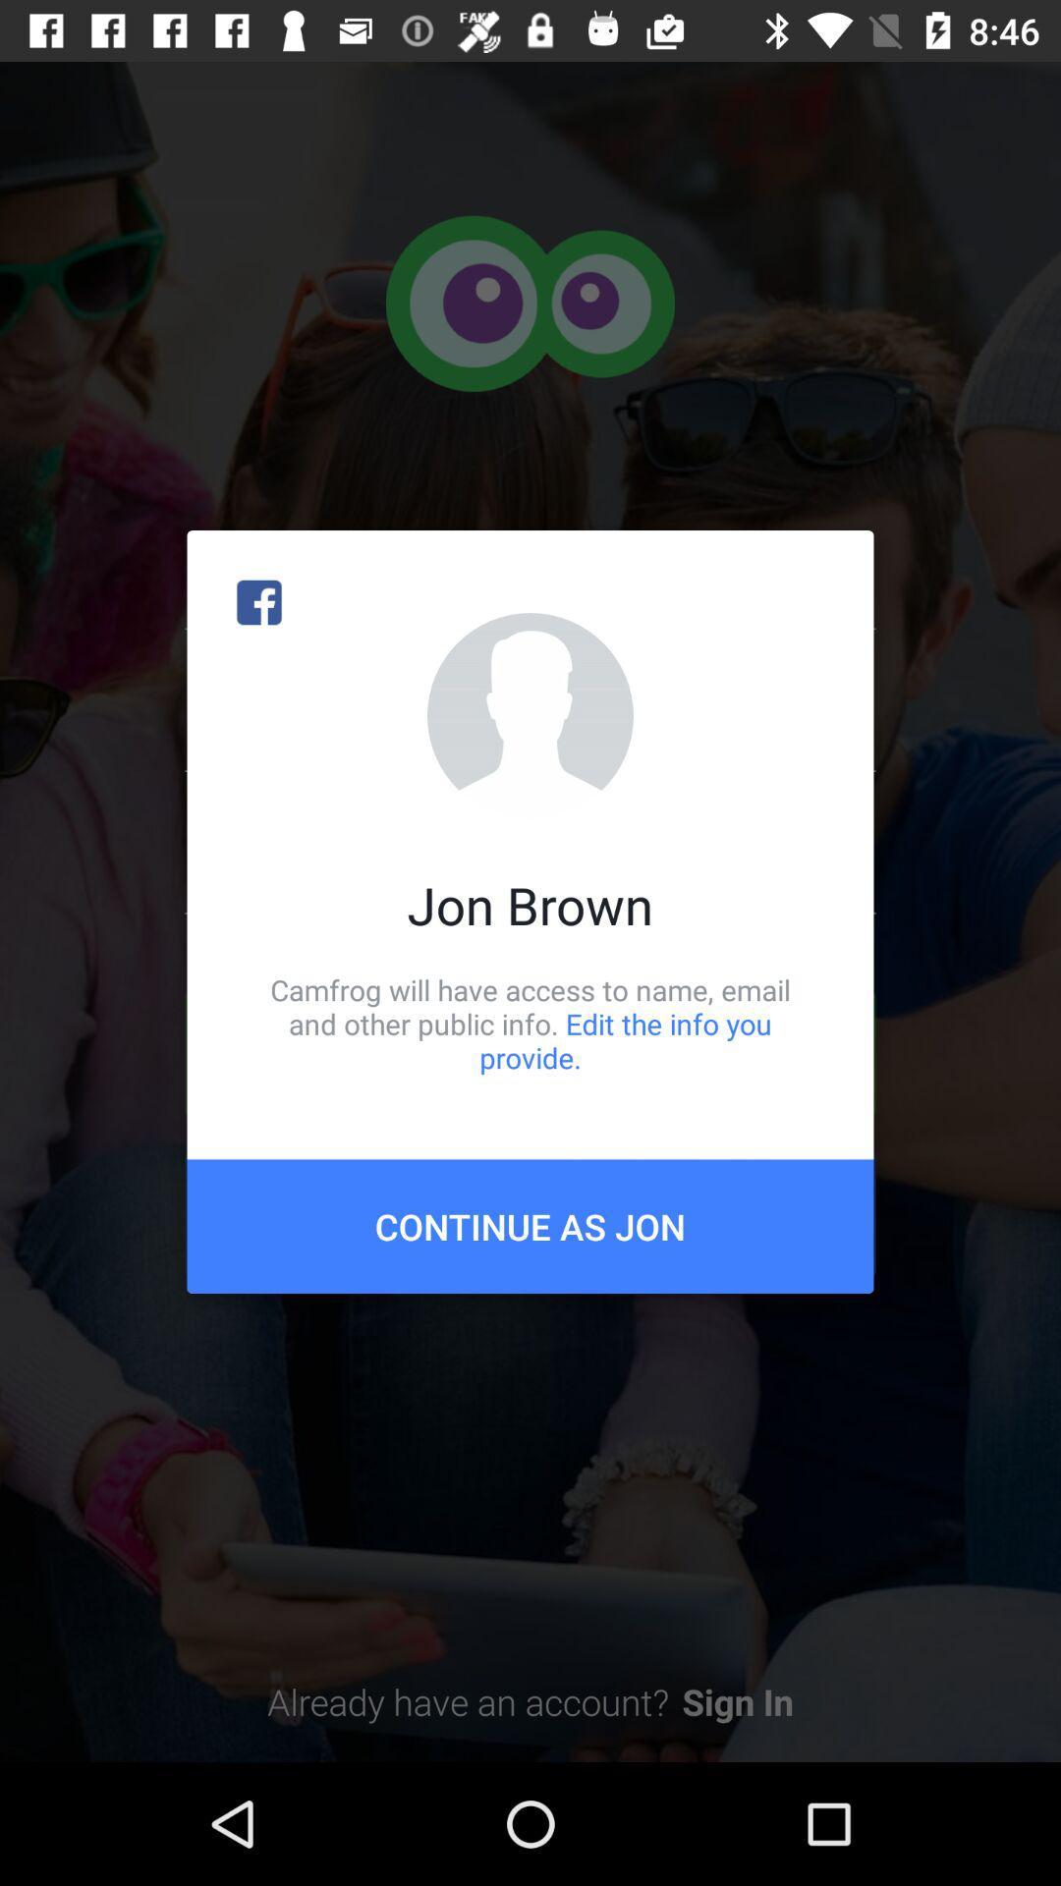  What do you see at coordinates (530, 1225) in the screenshot?
I see `item below the camfrog will have icon` at bounding box center [530, 1225].